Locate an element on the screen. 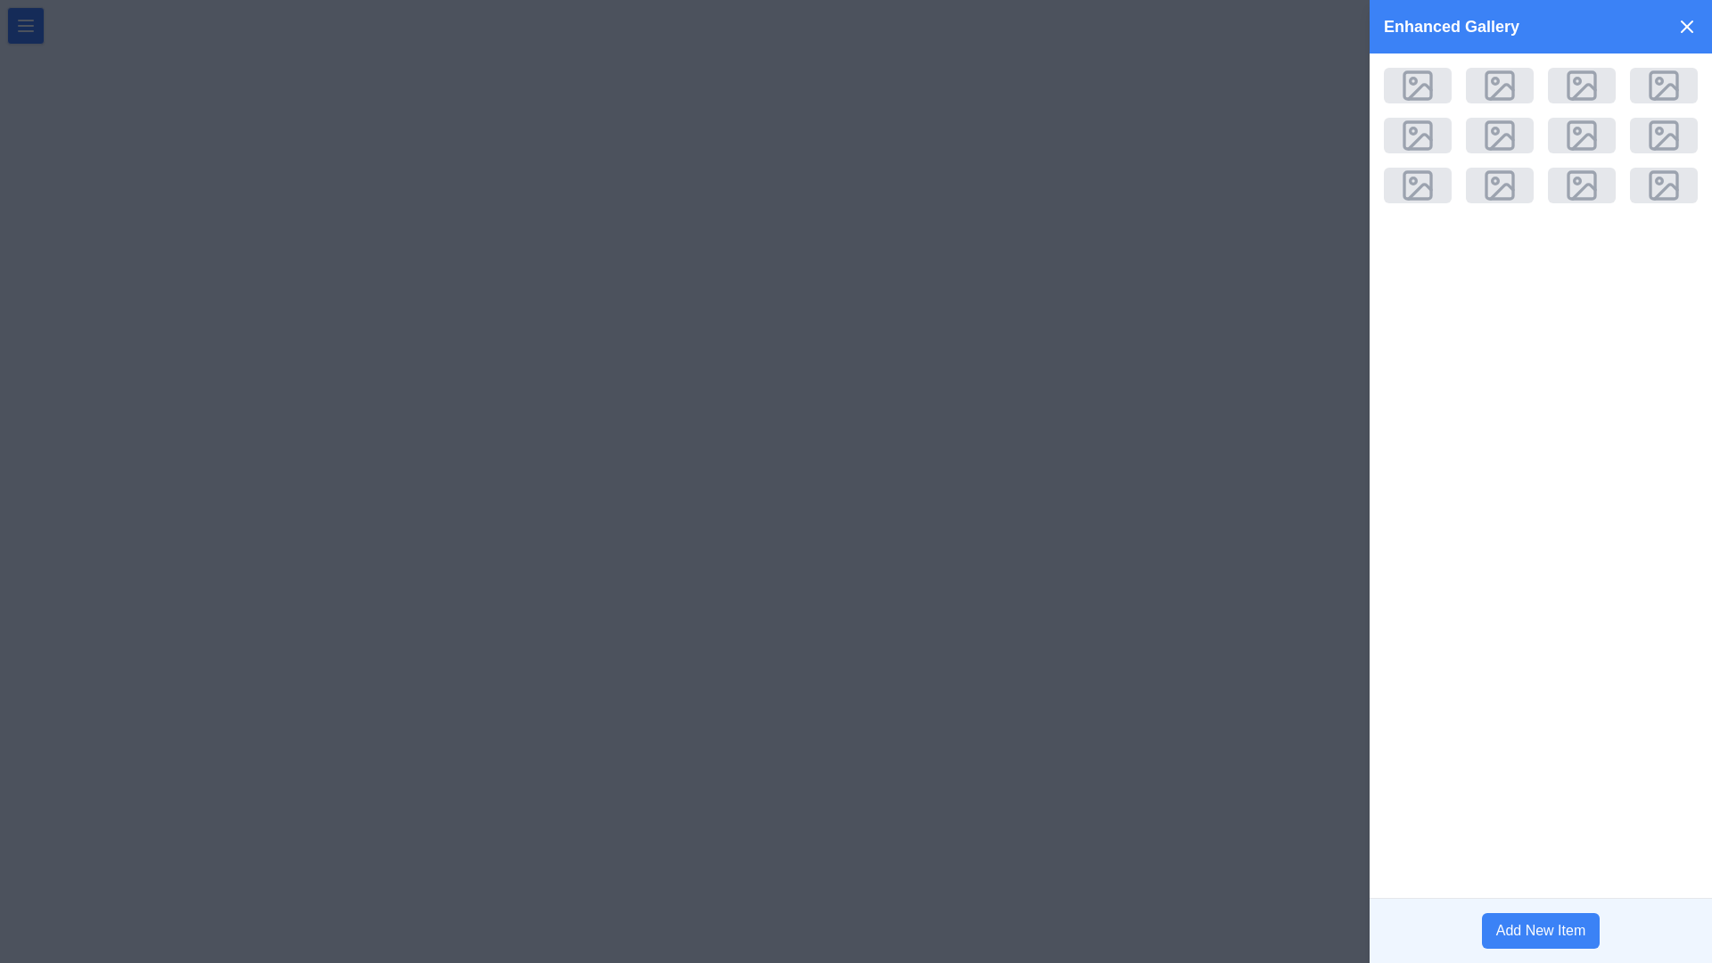  the image placeholder located in the second slot of the second row within the 'Enhanced Gallery' section to interact with it is located at coordinates (1498, 134).